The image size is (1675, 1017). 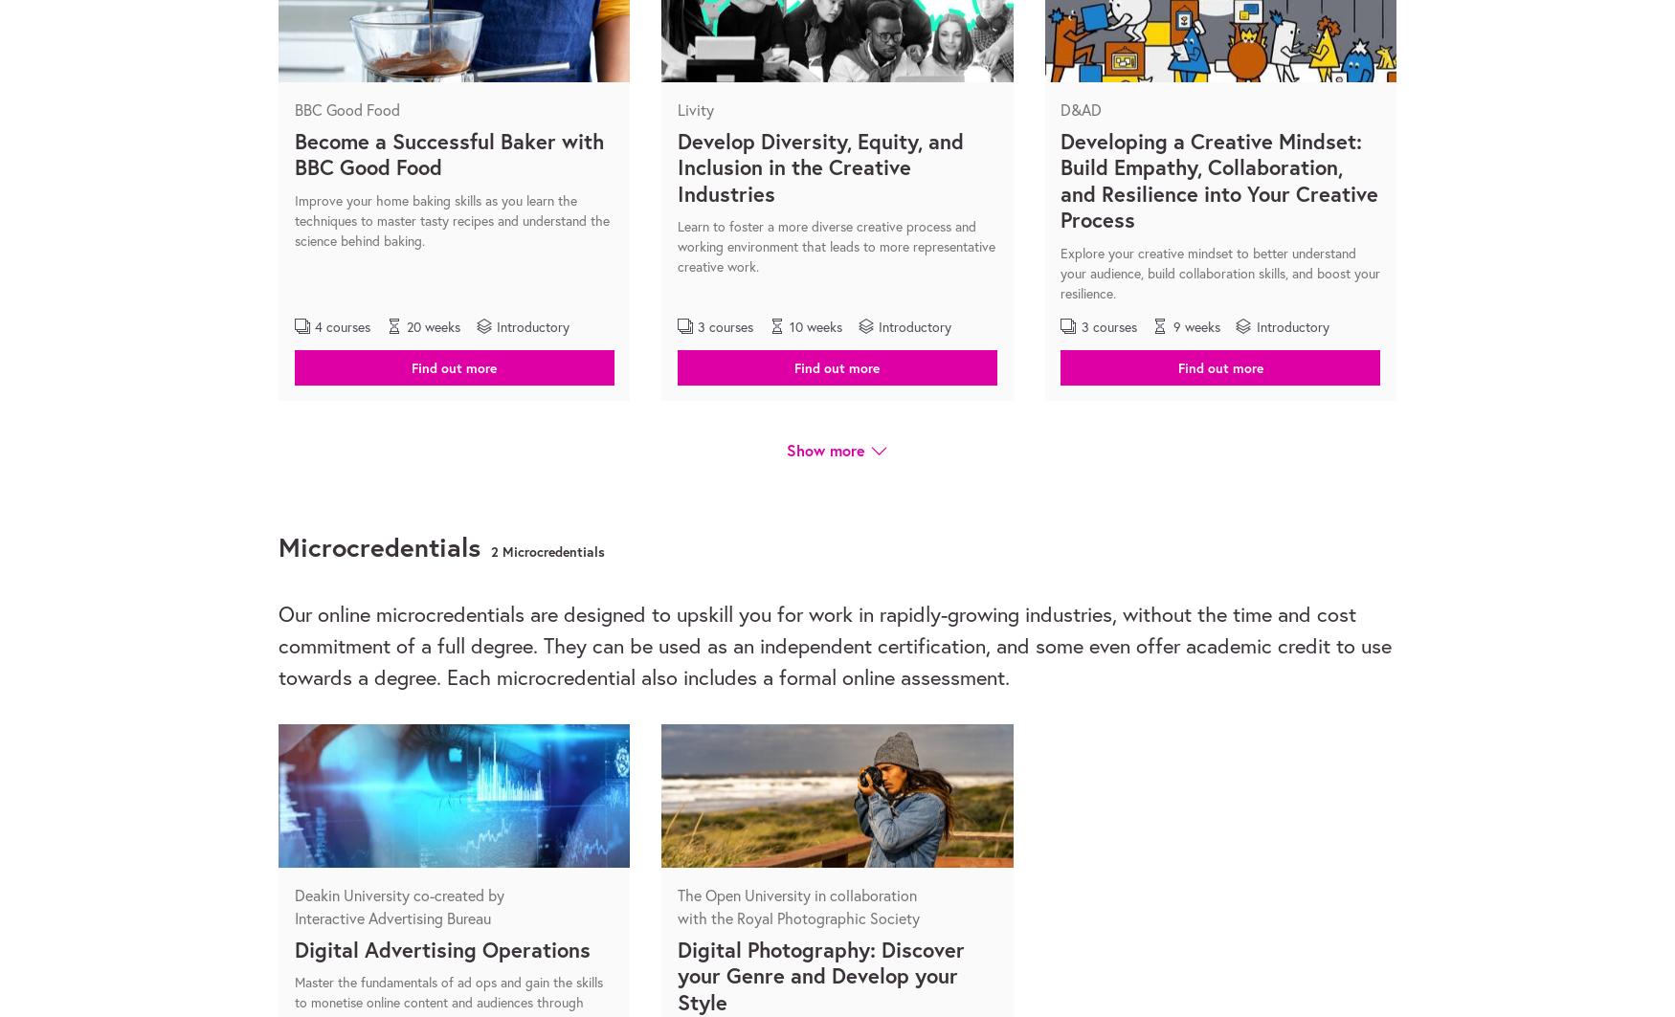 What do you see at coordinates (451, 219) in the screenshot?
I see `'Improve your home baking skills as you learn the techniques to master tasty recipes and understand the science behind baking.'` at bounding box center [451, 219].